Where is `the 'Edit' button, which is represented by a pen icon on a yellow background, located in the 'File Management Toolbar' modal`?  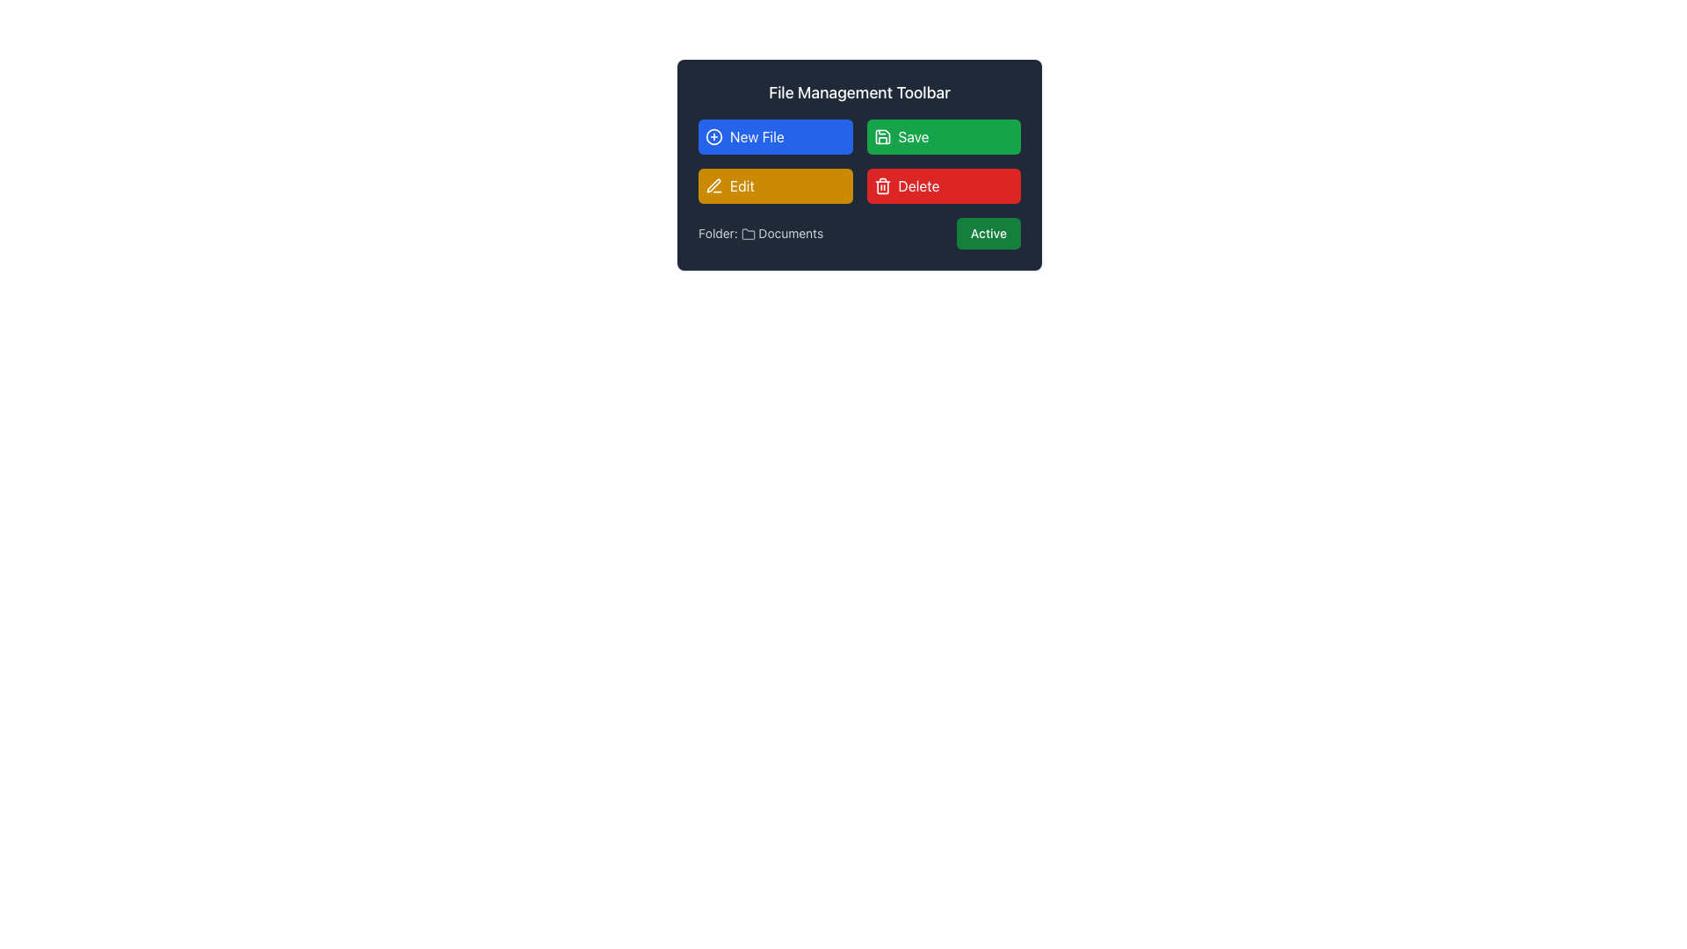
the 'Edit' button, which is represented by a pen icon on a yellow background, located in the 'File Management Toolbar' modal is located at coordinates (713, 186).